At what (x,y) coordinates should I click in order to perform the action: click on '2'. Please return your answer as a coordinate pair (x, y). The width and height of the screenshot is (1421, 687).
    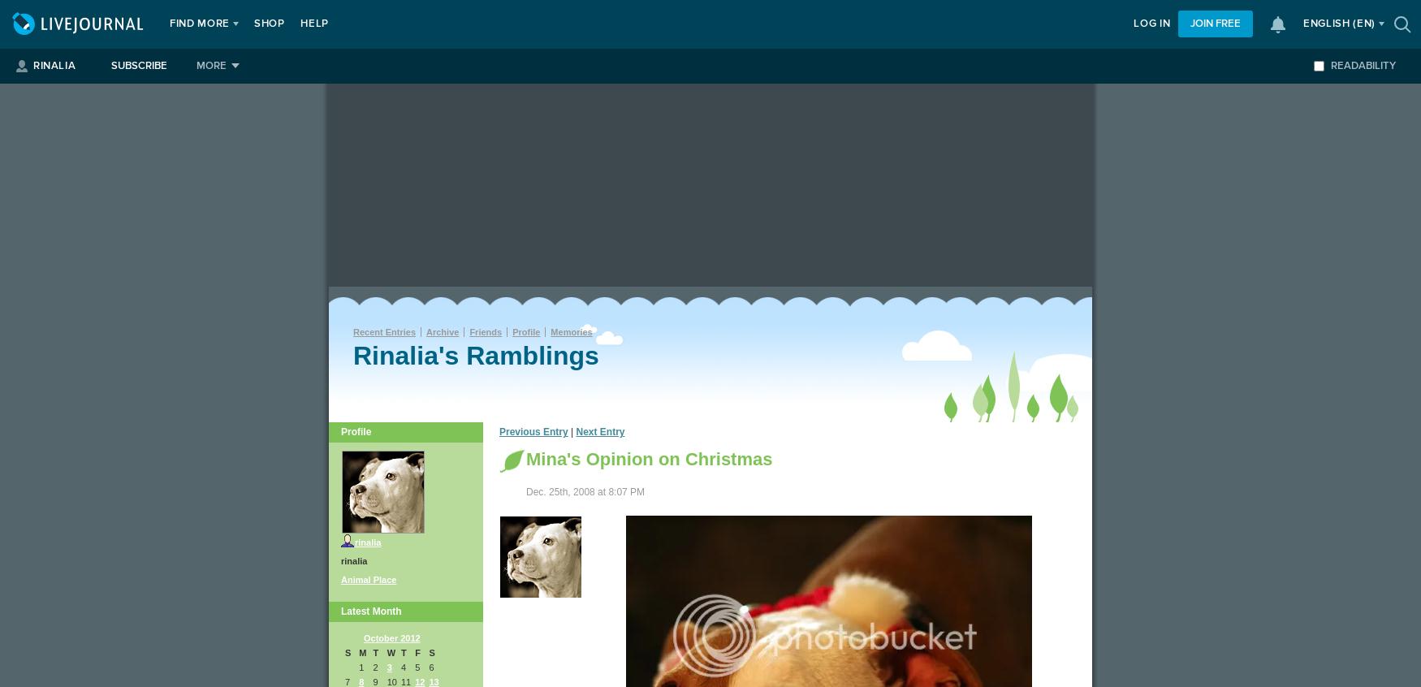
    Looking at the image, I should click on (375, 667).